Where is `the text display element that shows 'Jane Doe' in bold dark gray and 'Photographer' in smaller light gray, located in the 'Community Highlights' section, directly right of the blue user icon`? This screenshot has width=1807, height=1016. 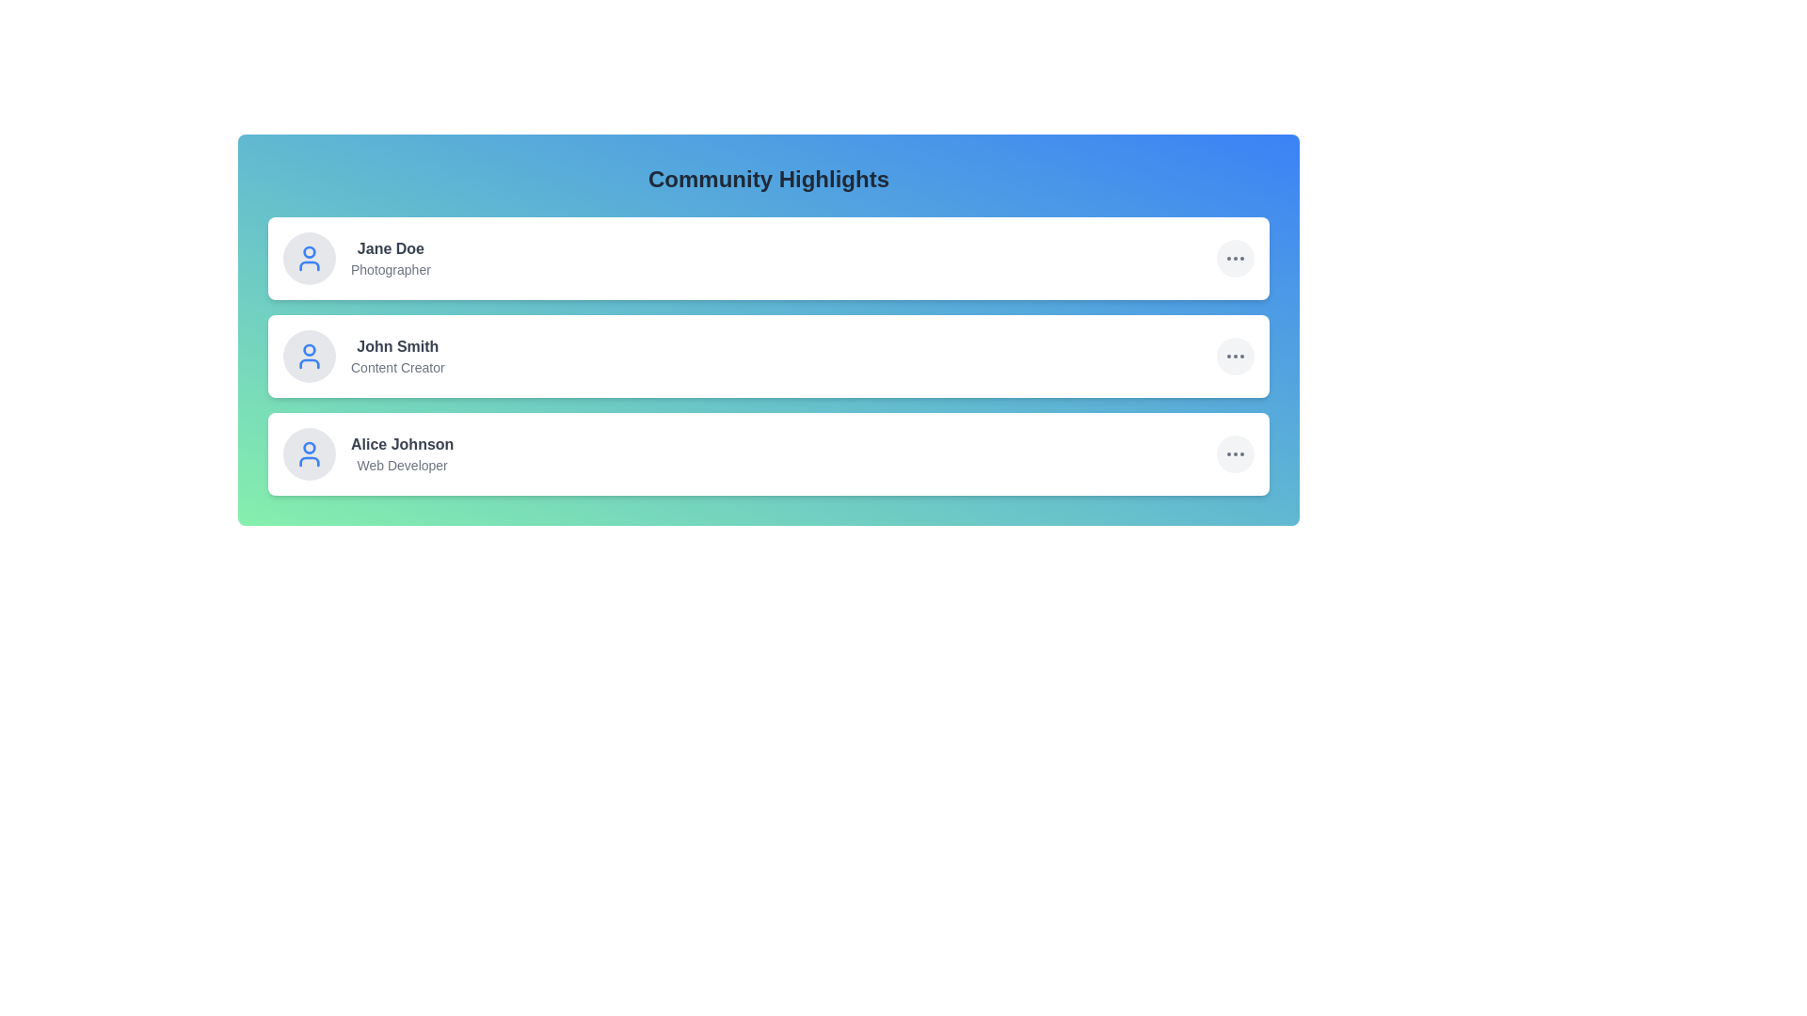
the text display element that shows 'Jane Doe' in bold dark gray and 'Photographer' in smaller light gray, located in the 'Community Highlights' section, directly right of the blue user icon is located at coordinates (390, 258).